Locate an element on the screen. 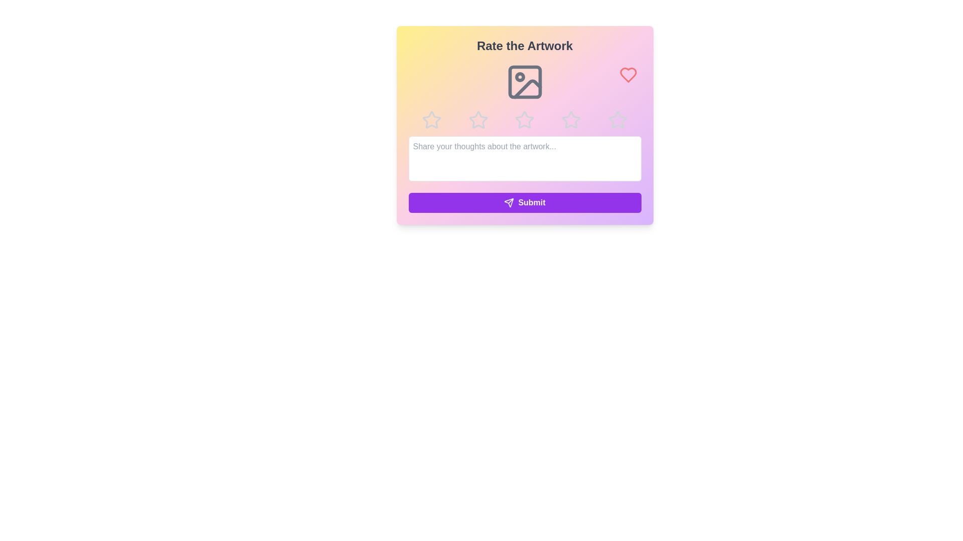 Image resolution: width=963 pixels, height=541 pixels. the heart icon to express appreciation for the artwork is located at coordinates (627, 75).